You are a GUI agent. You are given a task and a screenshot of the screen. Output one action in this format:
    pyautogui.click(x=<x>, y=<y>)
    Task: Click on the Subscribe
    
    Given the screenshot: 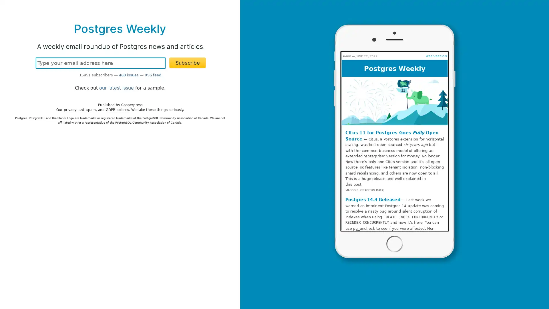 What is the action you would take?
    pyautogui.click(x=188, y=63)
    